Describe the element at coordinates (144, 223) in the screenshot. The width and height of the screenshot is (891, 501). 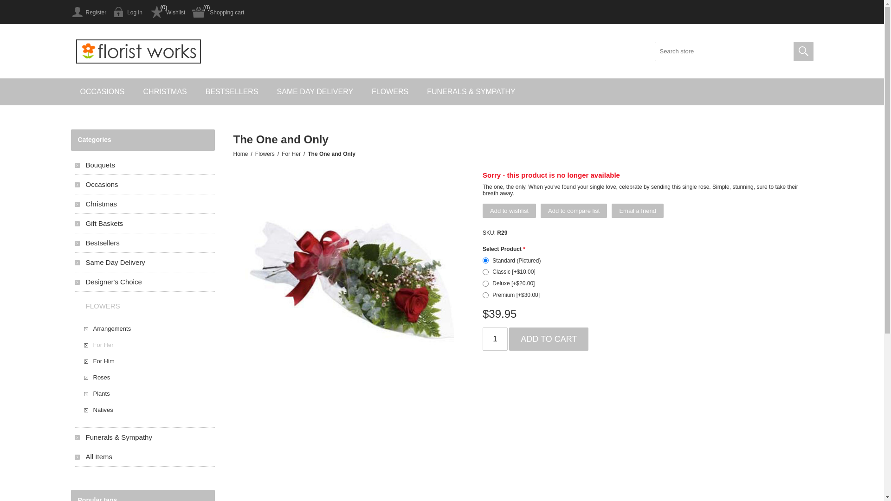
I see `'Gift Baskets'` at that location.